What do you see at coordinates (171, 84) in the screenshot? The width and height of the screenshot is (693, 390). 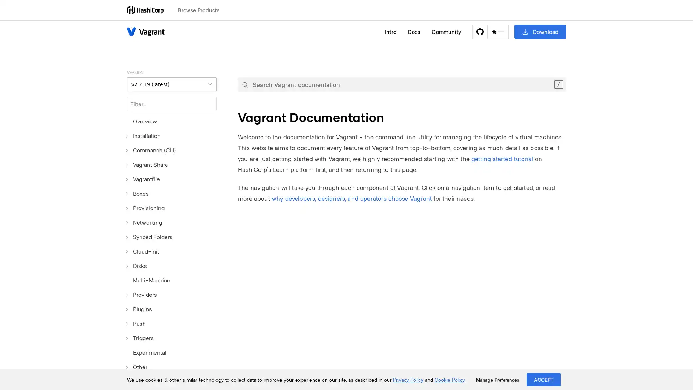 I see `VERSION` at bounding box center [171, 84].